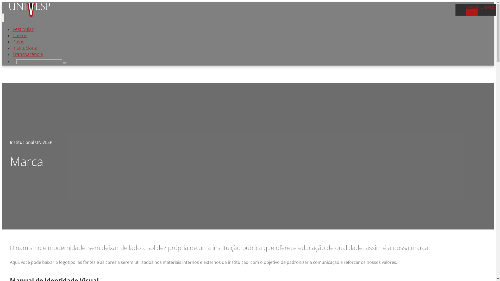 The height and width of the screenshot is (281, 500). Describe the element at coordinates (23, 29) in the screenshot. I see `'Vestibular'` at that location.